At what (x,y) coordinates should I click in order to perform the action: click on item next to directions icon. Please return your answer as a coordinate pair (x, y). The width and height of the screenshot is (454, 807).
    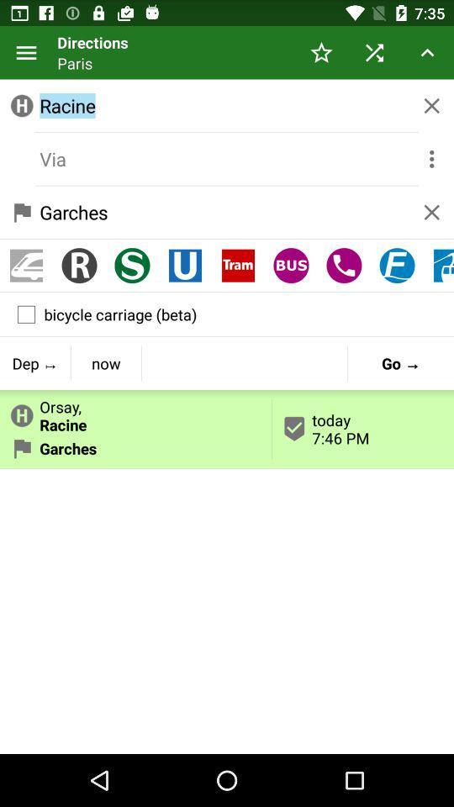
    Looking at the image, I should click on (25, 52).